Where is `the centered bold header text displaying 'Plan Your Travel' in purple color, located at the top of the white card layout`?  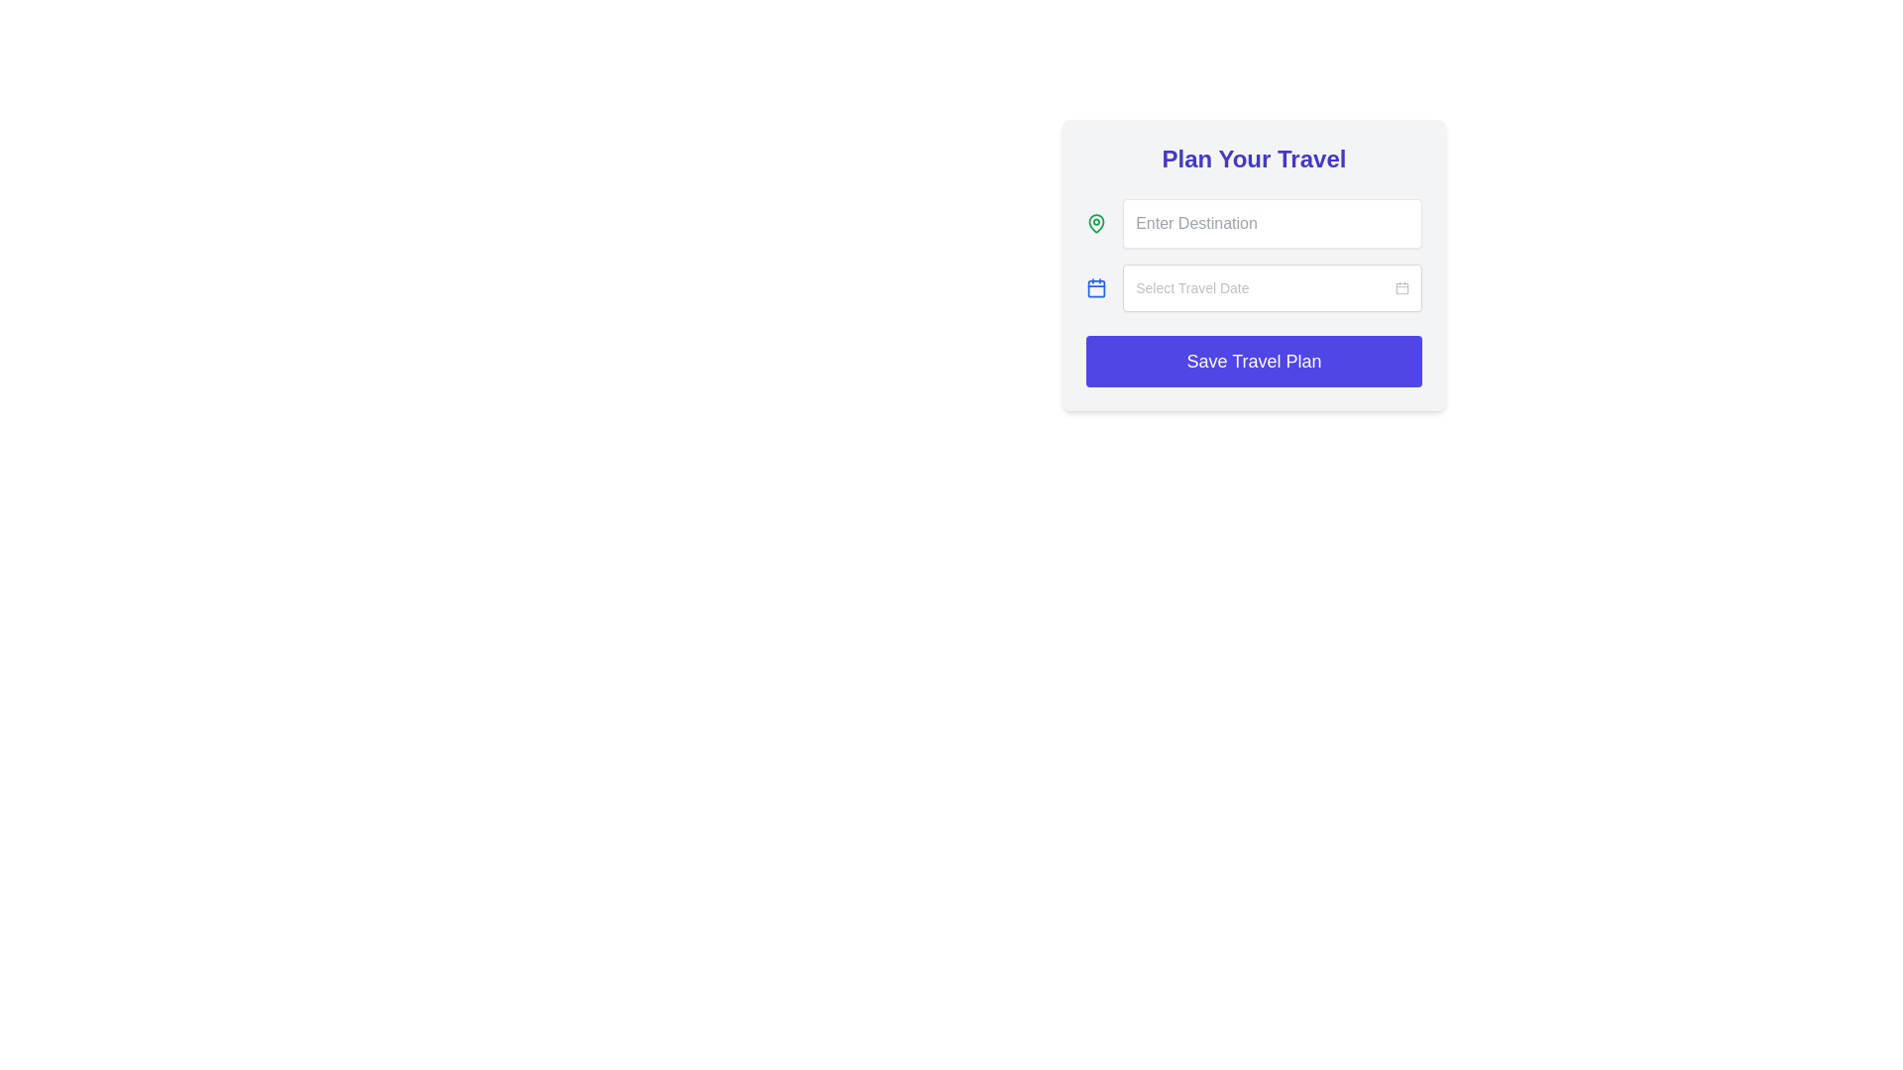 the centered bold header text displaying 'Plan Your Travel' in purple color, located at the top of the white card layout is located at coordinates (1253, 159).